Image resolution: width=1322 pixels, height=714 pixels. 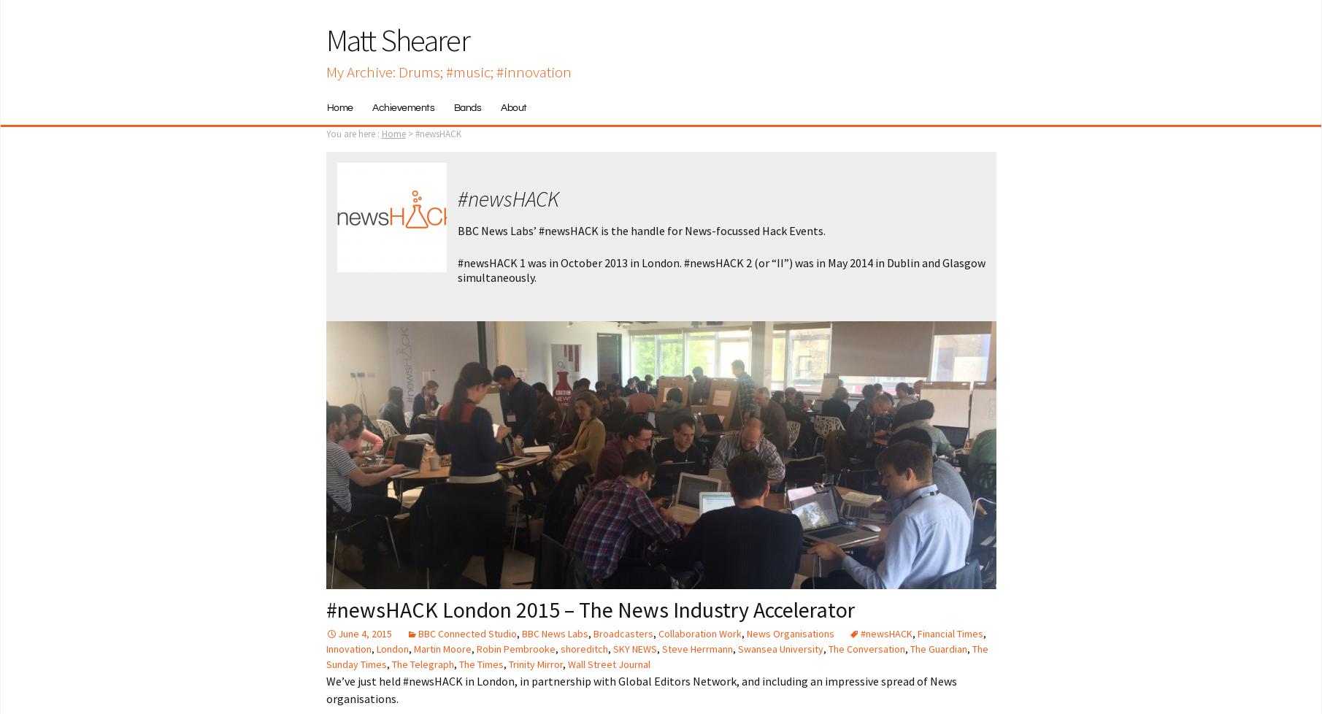 I want to click on 'Swansea University', so click(x=780, y=648).